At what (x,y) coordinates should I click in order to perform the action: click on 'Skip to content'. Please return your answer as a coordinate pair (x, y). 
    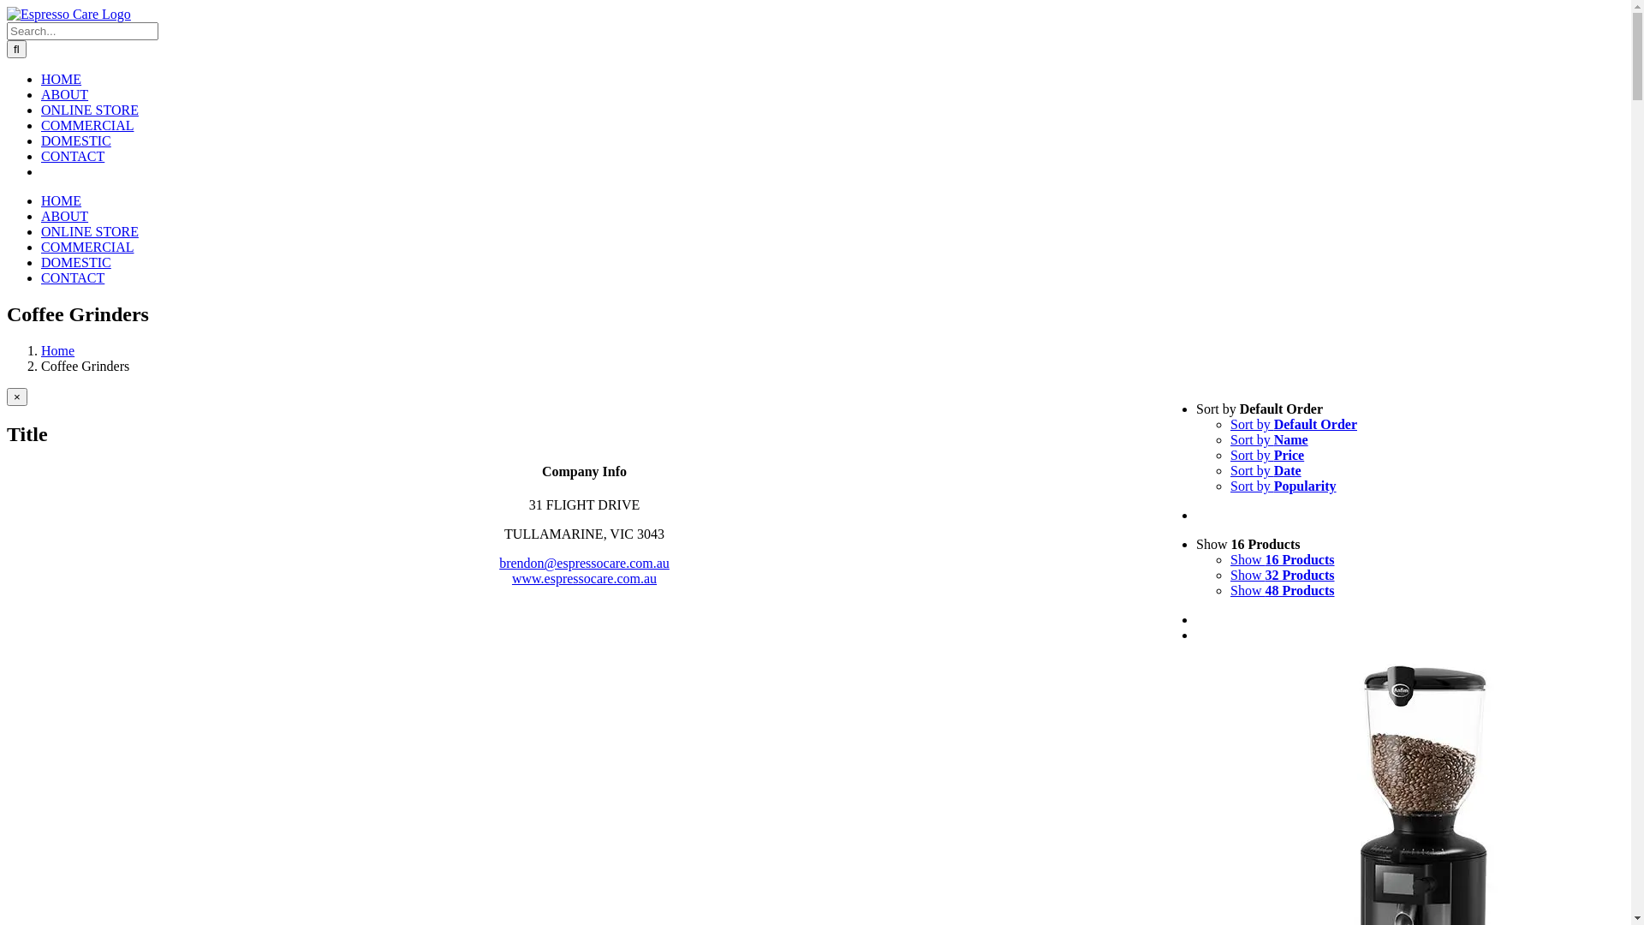
    Looking at the image, I should click on (6, 6).